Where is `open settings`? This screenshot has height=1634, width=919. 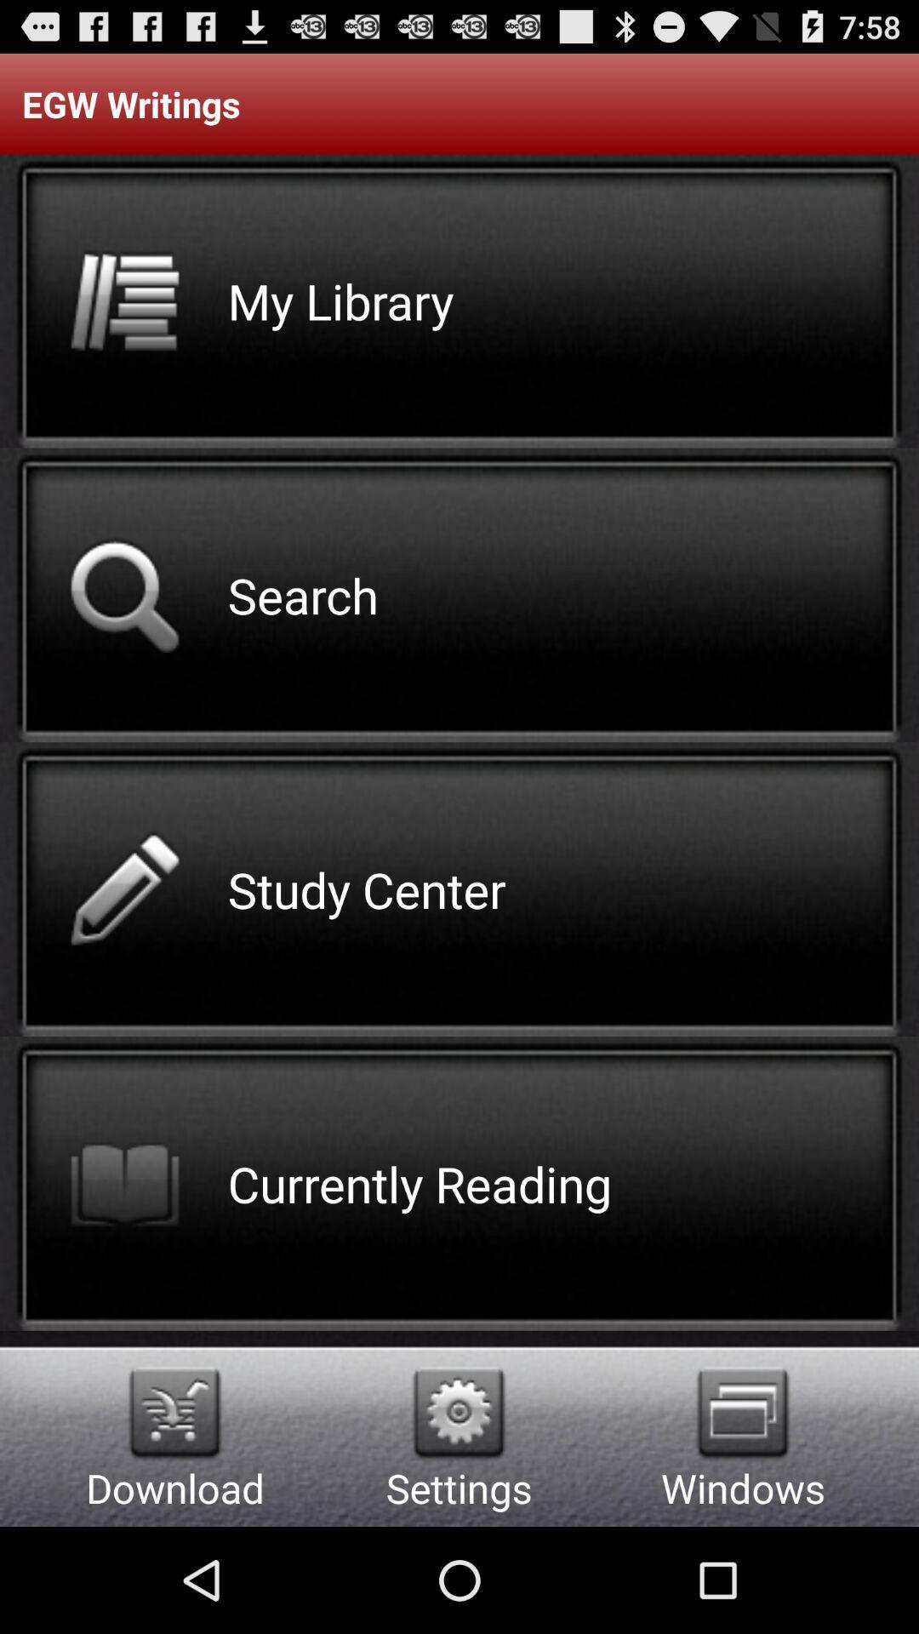 open settings is located at coordinates (458, 1413).